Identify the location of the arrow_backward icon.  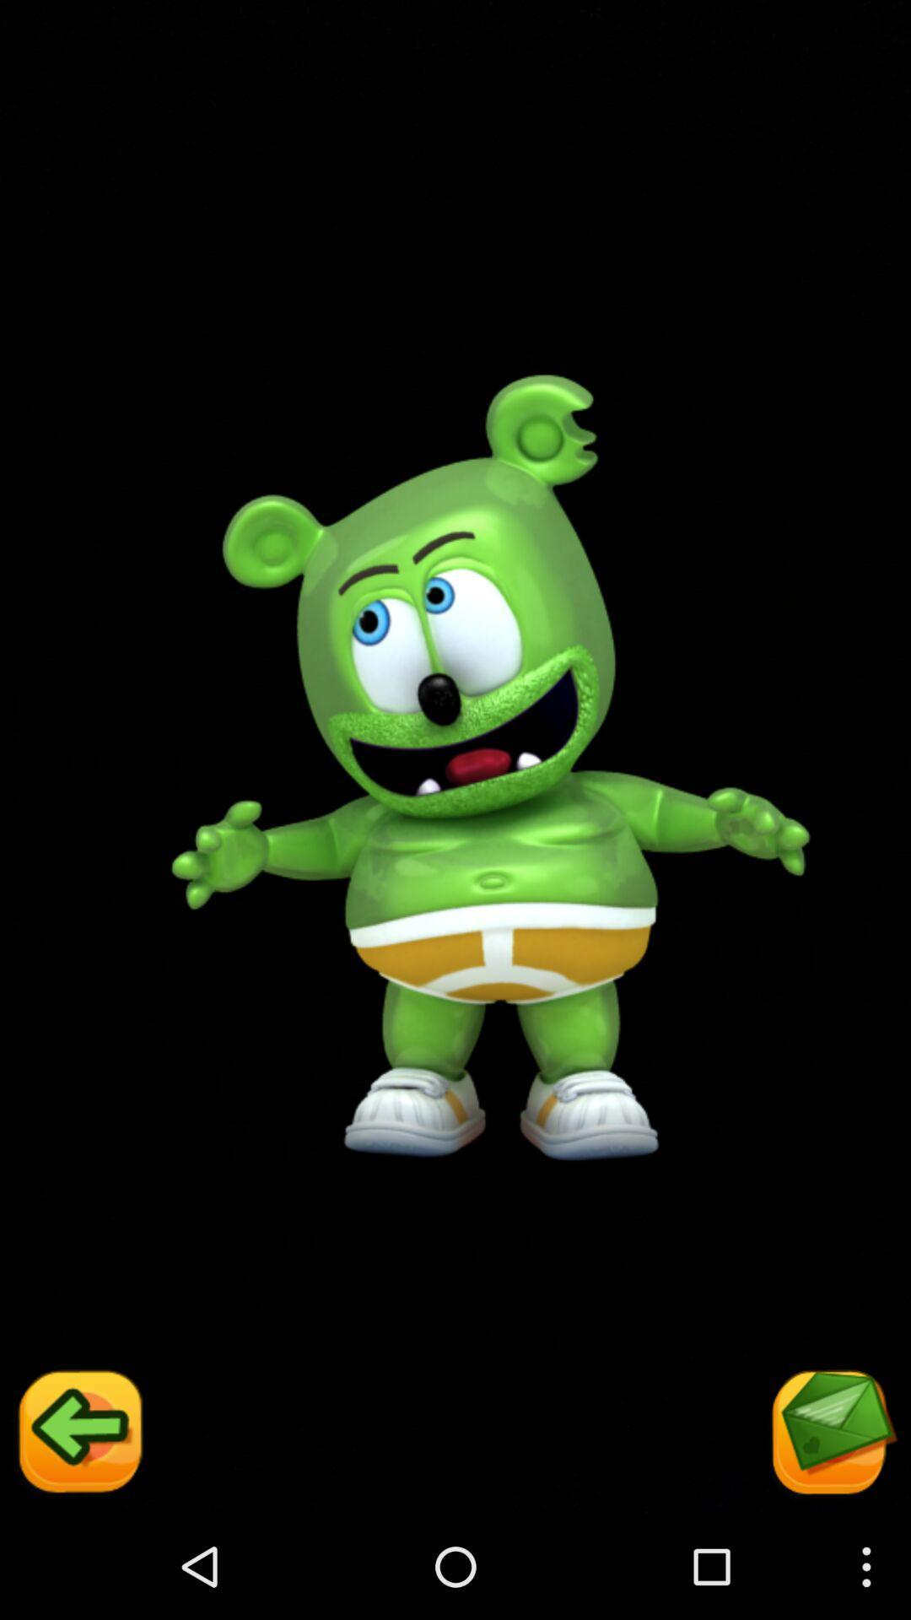
(78, 1536).